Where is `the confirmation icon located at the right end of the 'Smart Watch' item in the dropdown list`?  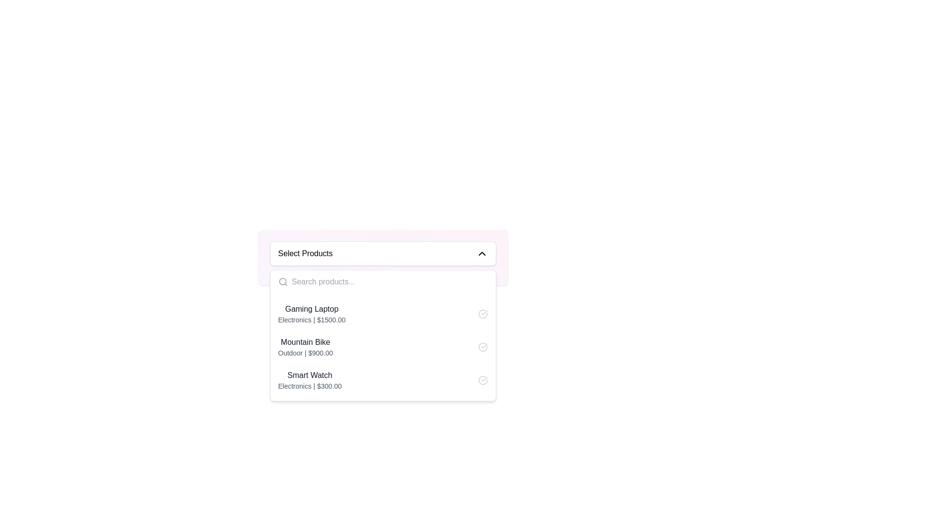
the confirmation icon located at the right end of the 'Smart Watch' item in the dropdown list is located at coordinates (483, 379).